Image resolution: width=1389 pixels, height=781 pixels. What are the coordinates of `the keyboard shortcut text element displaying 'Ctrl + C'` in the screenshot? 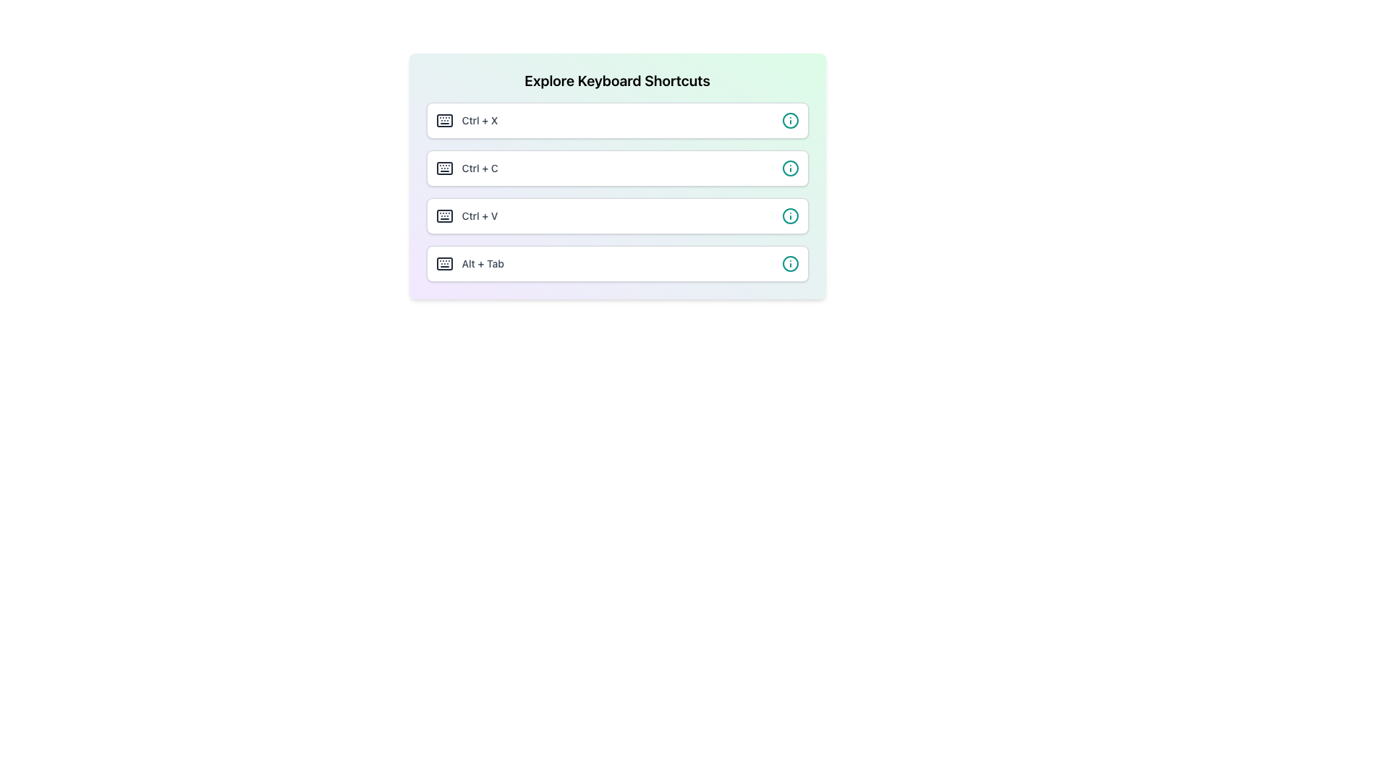 It's located at (467, 167).